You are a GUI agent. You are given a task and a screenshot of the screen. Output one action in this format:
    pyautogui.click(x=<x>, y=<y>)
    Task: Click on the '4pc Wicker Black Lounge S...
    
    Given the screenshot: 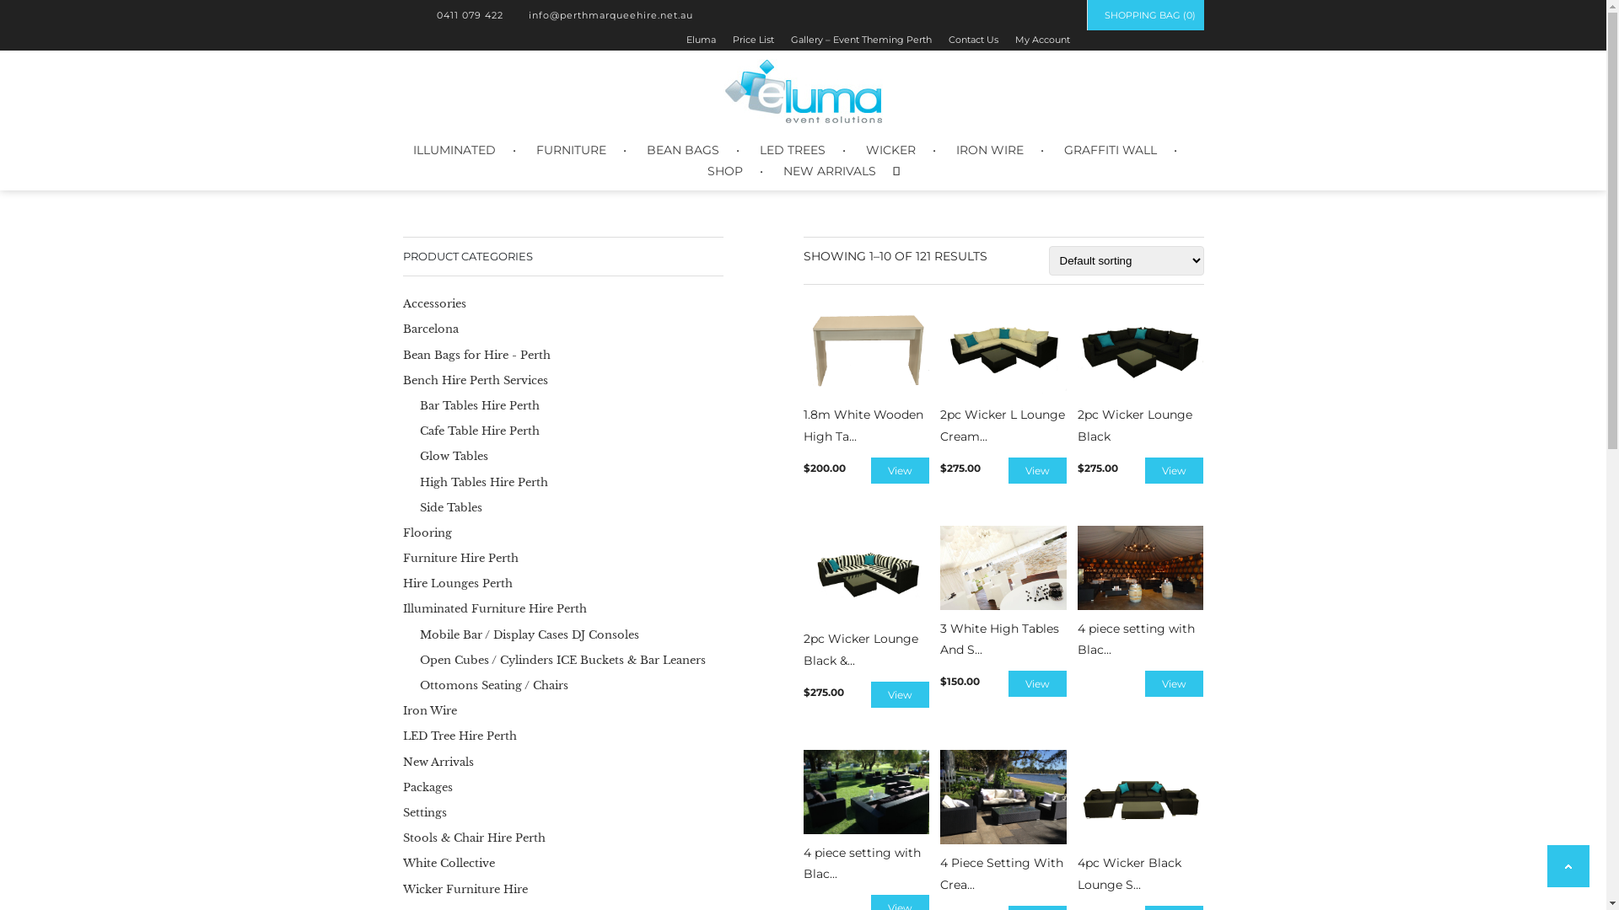 What is the action you would take?
    pyautogui.click(x=1141, y=822)
    